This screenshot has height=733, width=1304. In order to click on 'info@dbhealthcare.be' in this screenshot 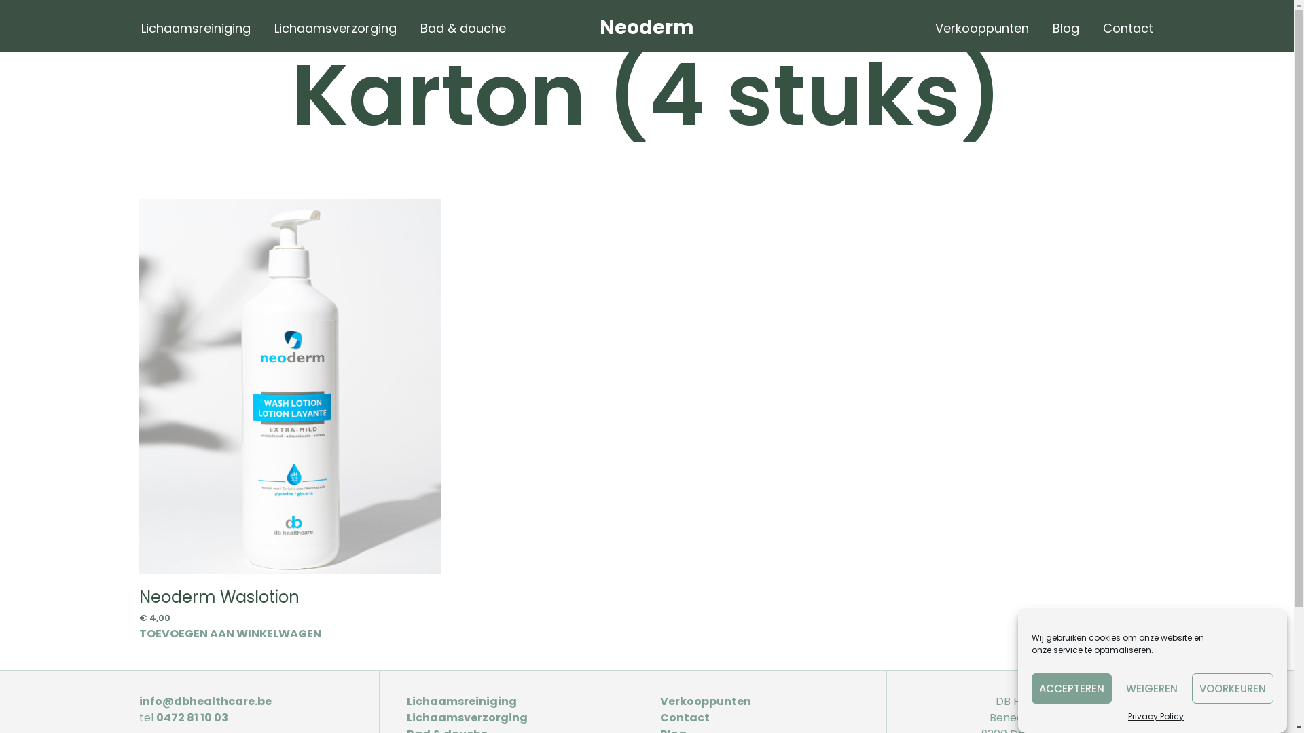, I will do `click(204, 701)`.